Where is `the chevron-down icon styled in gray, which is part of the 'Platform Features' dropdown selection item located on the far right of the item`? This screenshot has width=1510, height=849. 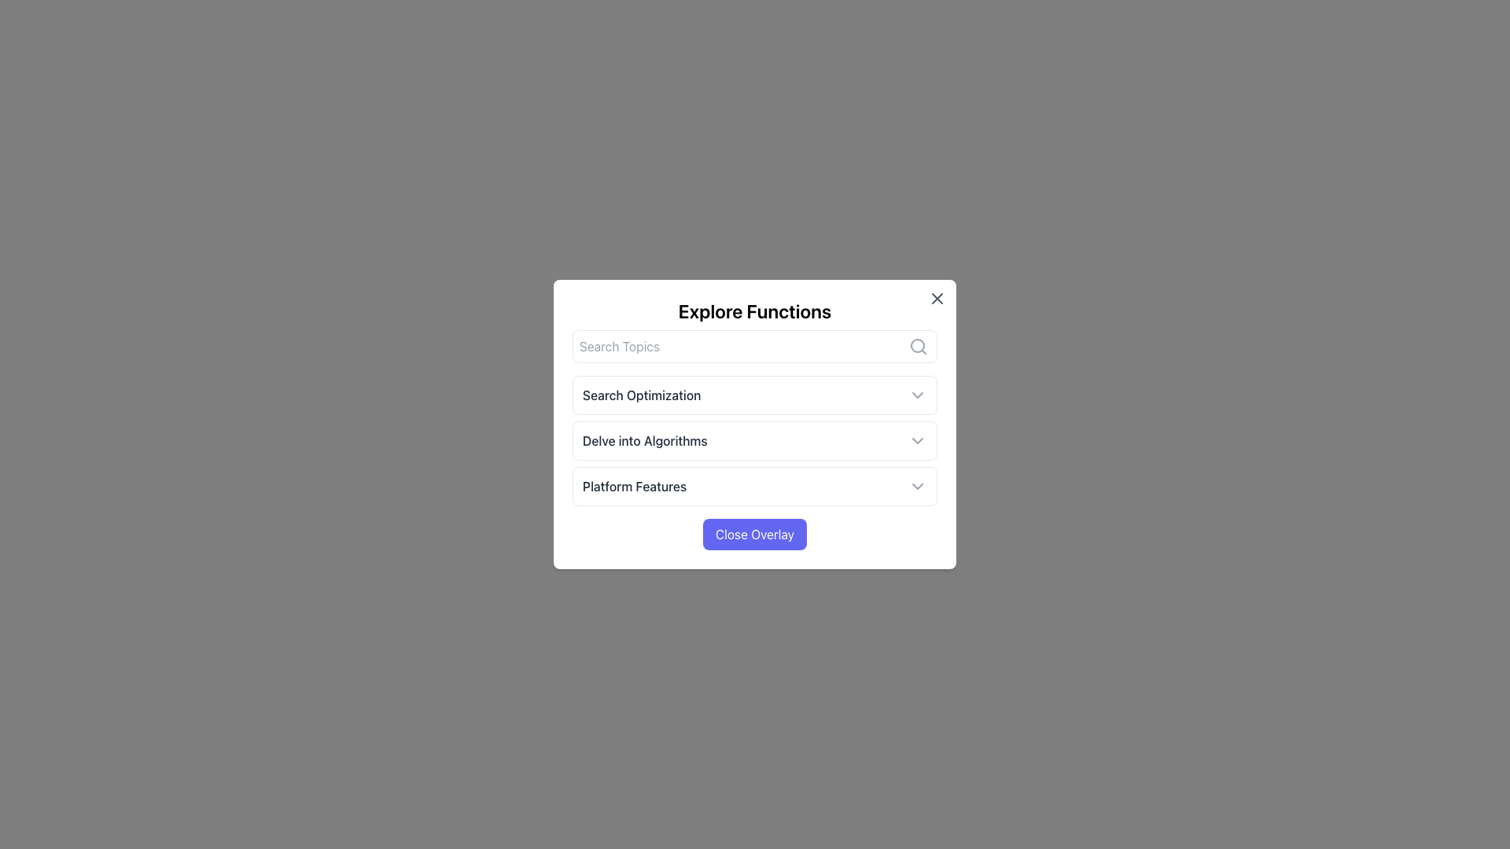
the chevron-down icon styled in gray, which is part of the 'Platform Features' dropdown selection item located on the far right of the item is located at coordinates (917, 485).